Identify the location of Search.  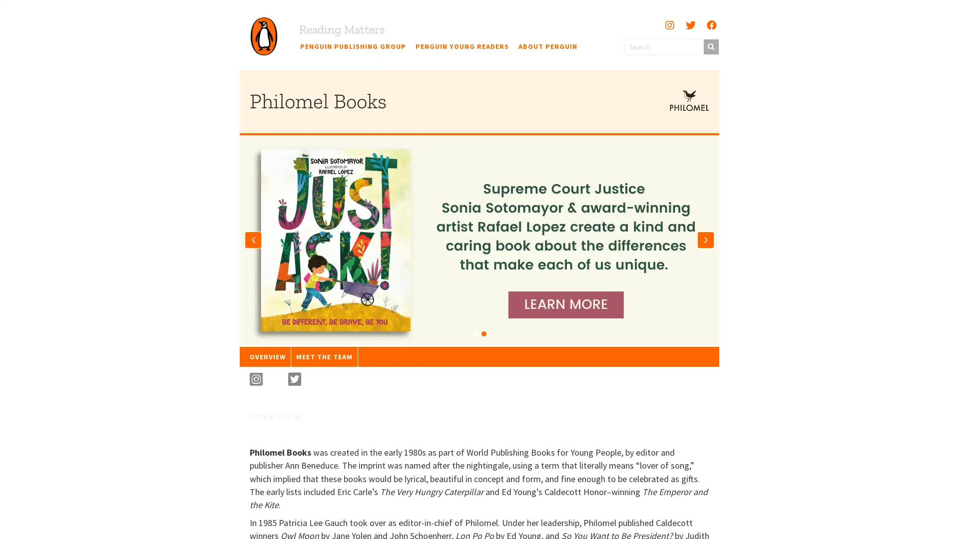
(710, 46).